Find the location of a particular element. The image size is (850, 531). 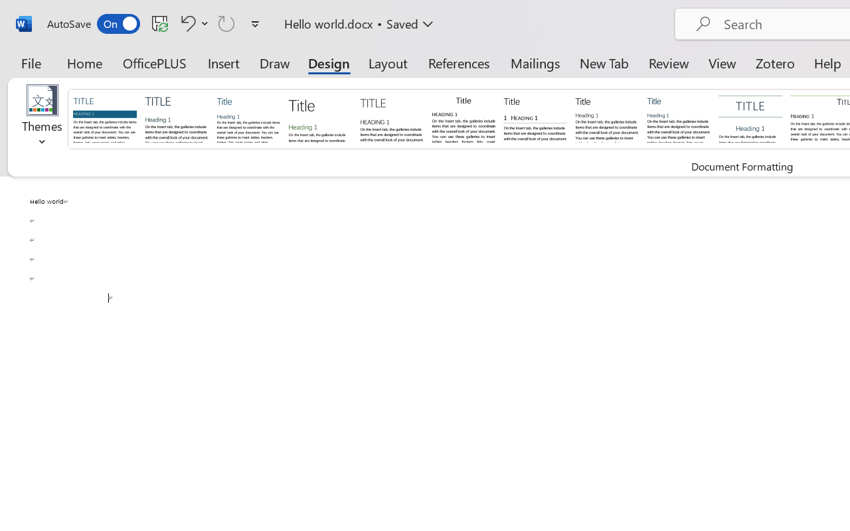

'OfficePLUS' is located at coordinates (155, 62).